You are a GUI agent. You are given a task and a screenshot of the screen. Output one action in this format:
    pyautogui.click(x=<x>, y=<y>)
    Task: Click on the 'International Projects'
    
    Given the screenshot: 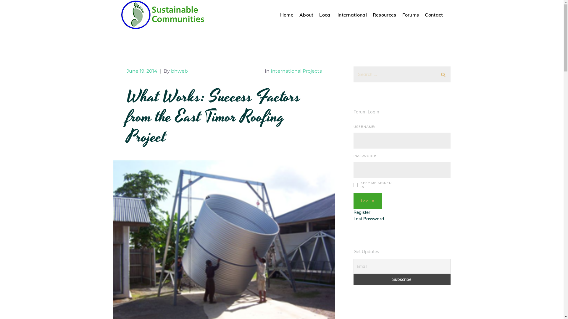 What is the action you would take?
    pyautogui.click(x=296, y=71)
    